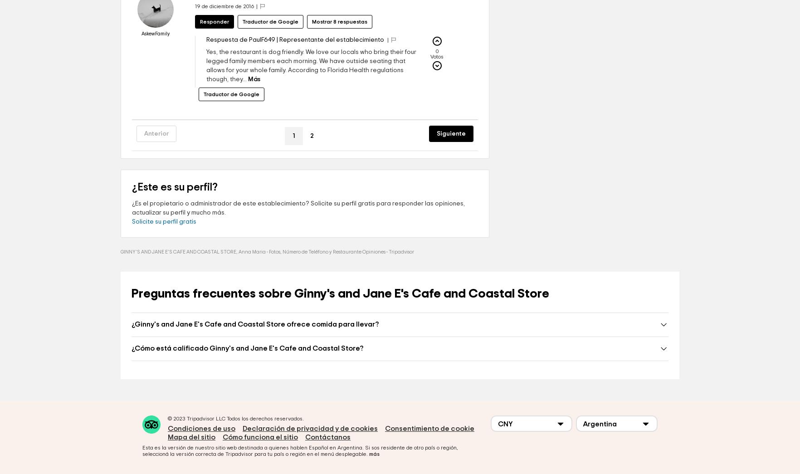  What do you see at coordinates (267, 279) in the screenshot?
I see `'GINNY'S AND JANE E'S CAFE AND COASTAL STORE, Anna Maria - Fotos, Número de Teléfono y Restaurante Opiniones - Tripadvisor'` at bounding box center [267, 279].